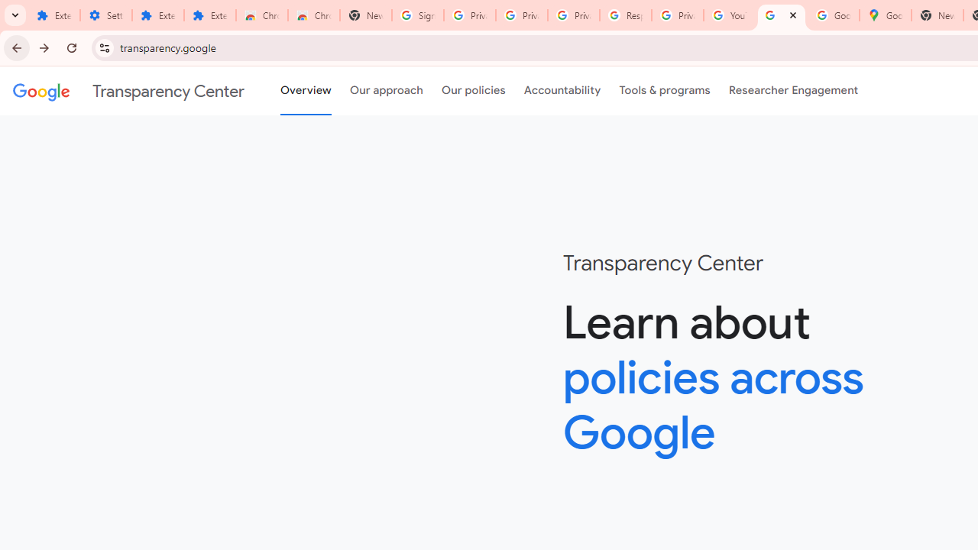  Describe the element at coordinates (387, 91) in the screenshot. I see `'Our approach'` at that location.